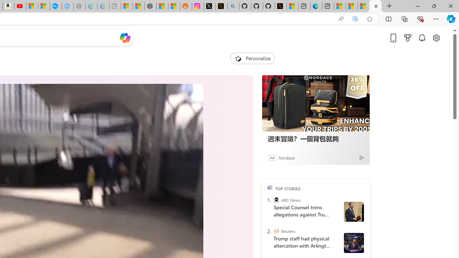 Image resolution: width=459 pixels, height=258 pixels. What do you see at coordinates (276, 231) in the screenshot?
I see `'Reuters'` at bounding box center [276, 231].